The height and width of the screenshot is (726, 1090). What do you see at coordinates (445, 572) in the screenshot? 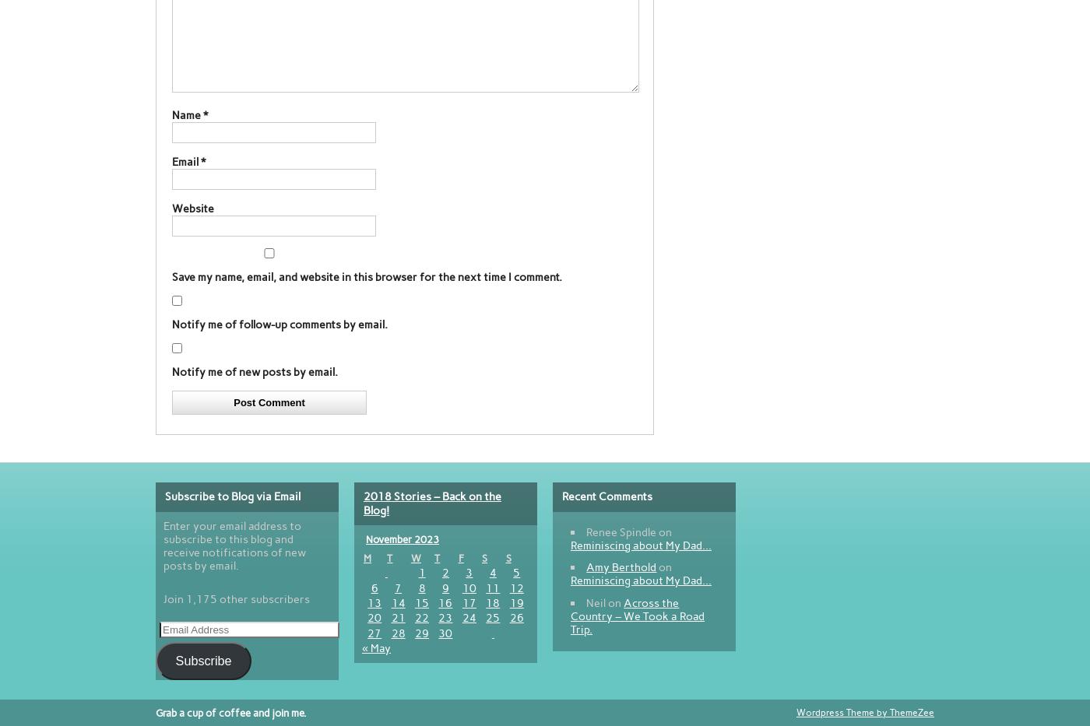
I see `'2'` at bounding box center [445, 572].